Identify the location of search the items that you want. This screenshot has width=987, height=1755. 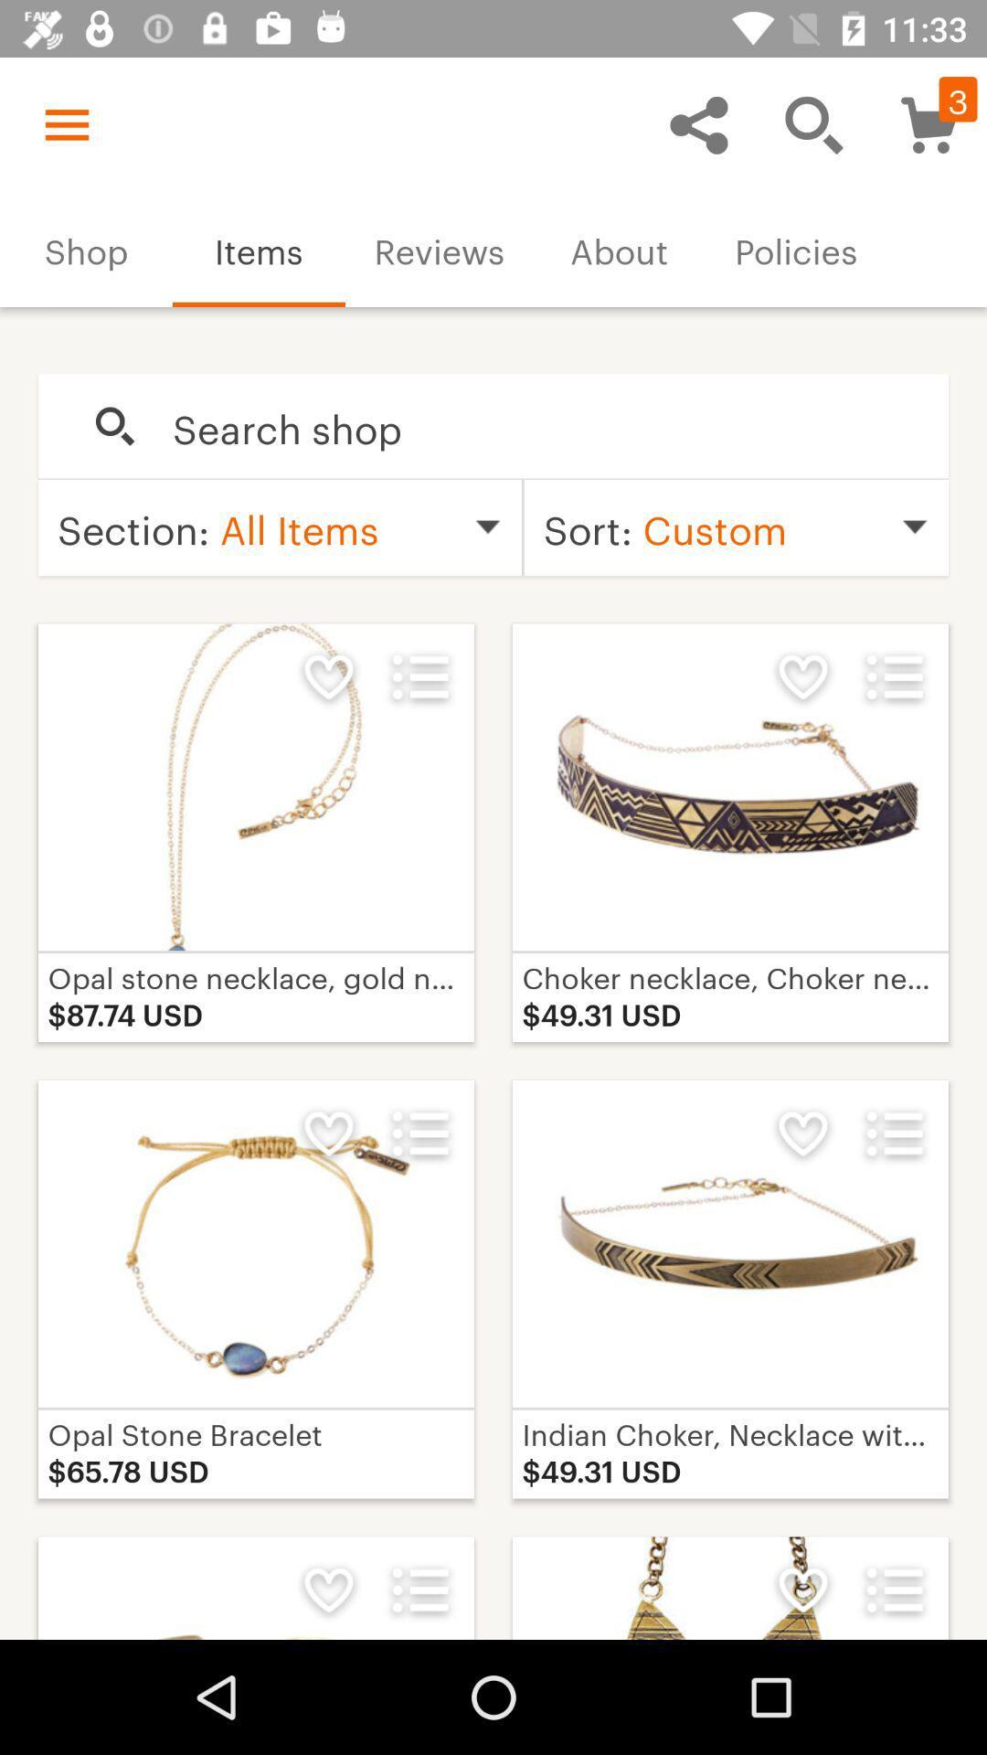
(540, 426).